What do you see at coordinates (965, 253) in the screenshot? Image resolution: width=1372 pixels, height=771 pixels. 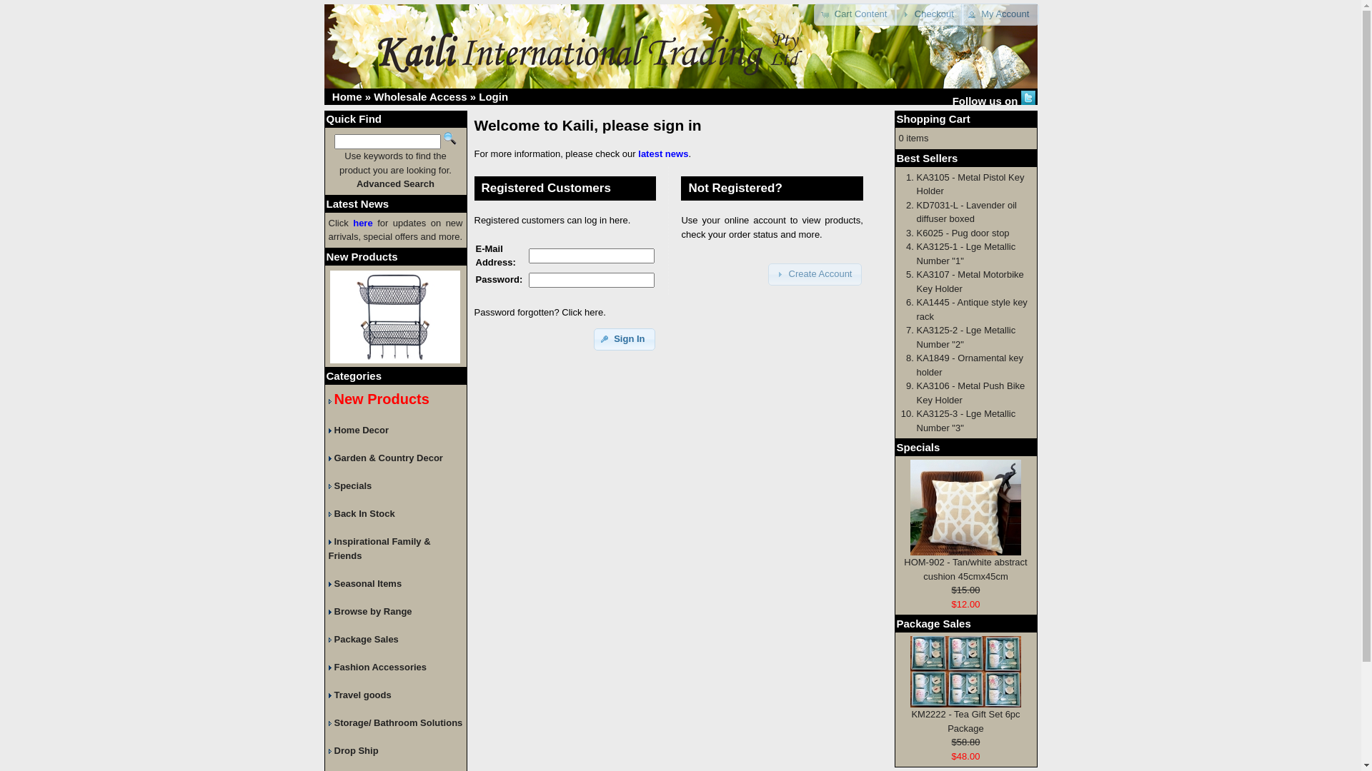 I see `'KA3125-1 - Lge Metallic Number "1"'` at bounding box center [965, 253].